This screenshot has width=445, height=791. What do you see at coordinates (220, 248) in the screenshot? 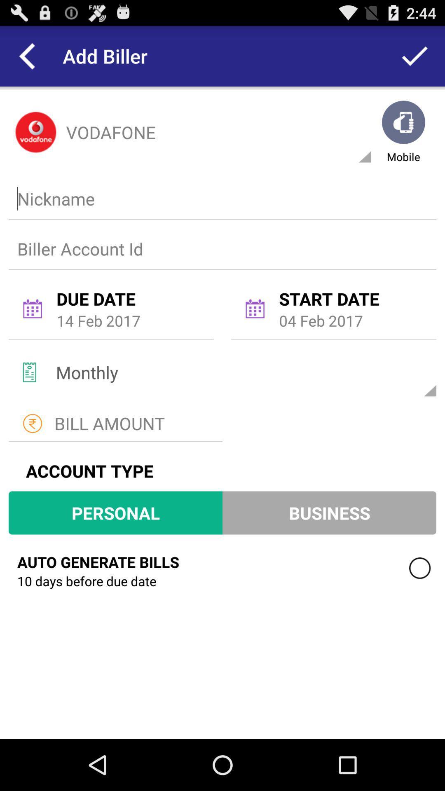
I see `biller account id` at bounding box center [220, 248].